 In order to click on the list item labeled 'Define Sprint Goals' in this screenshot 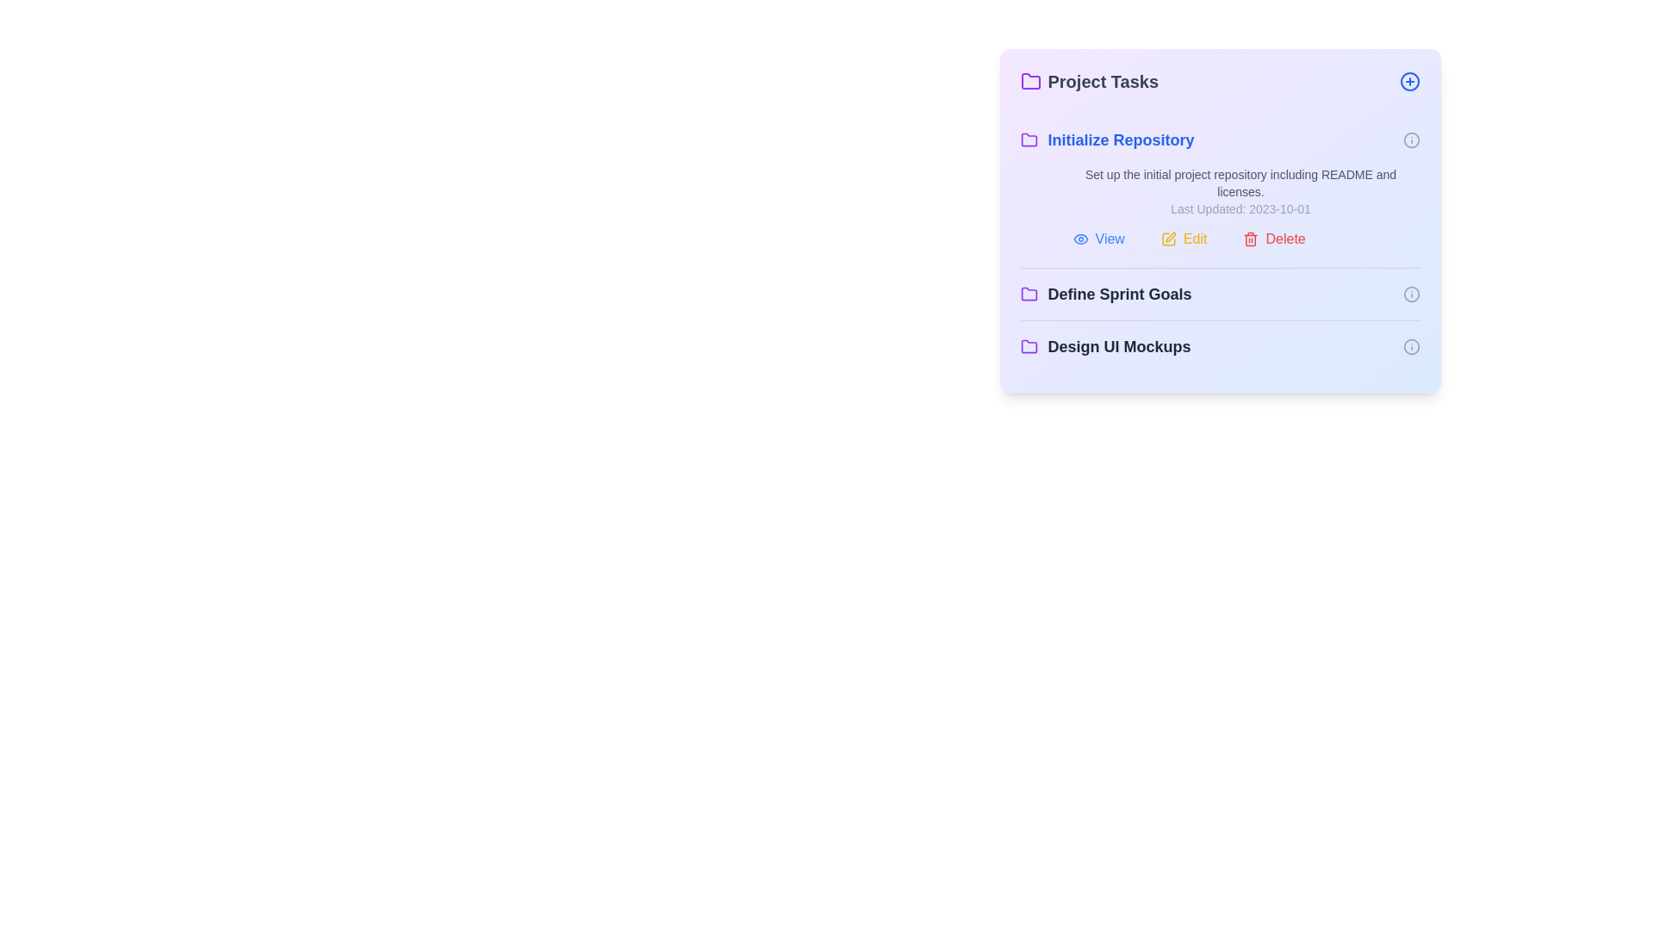, I will do `click(1219, 294)`.